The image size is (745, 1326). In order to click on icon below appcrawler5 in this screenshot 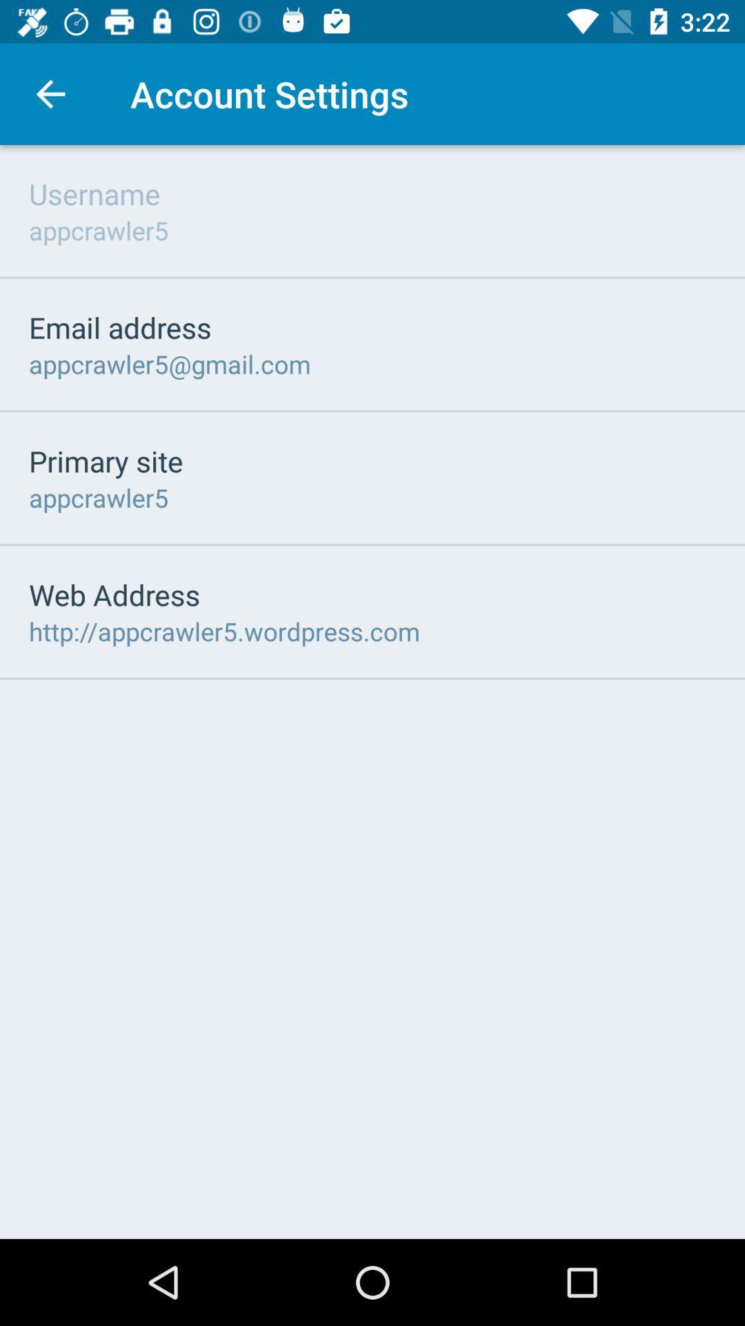, I will do `click(119, 327)`.